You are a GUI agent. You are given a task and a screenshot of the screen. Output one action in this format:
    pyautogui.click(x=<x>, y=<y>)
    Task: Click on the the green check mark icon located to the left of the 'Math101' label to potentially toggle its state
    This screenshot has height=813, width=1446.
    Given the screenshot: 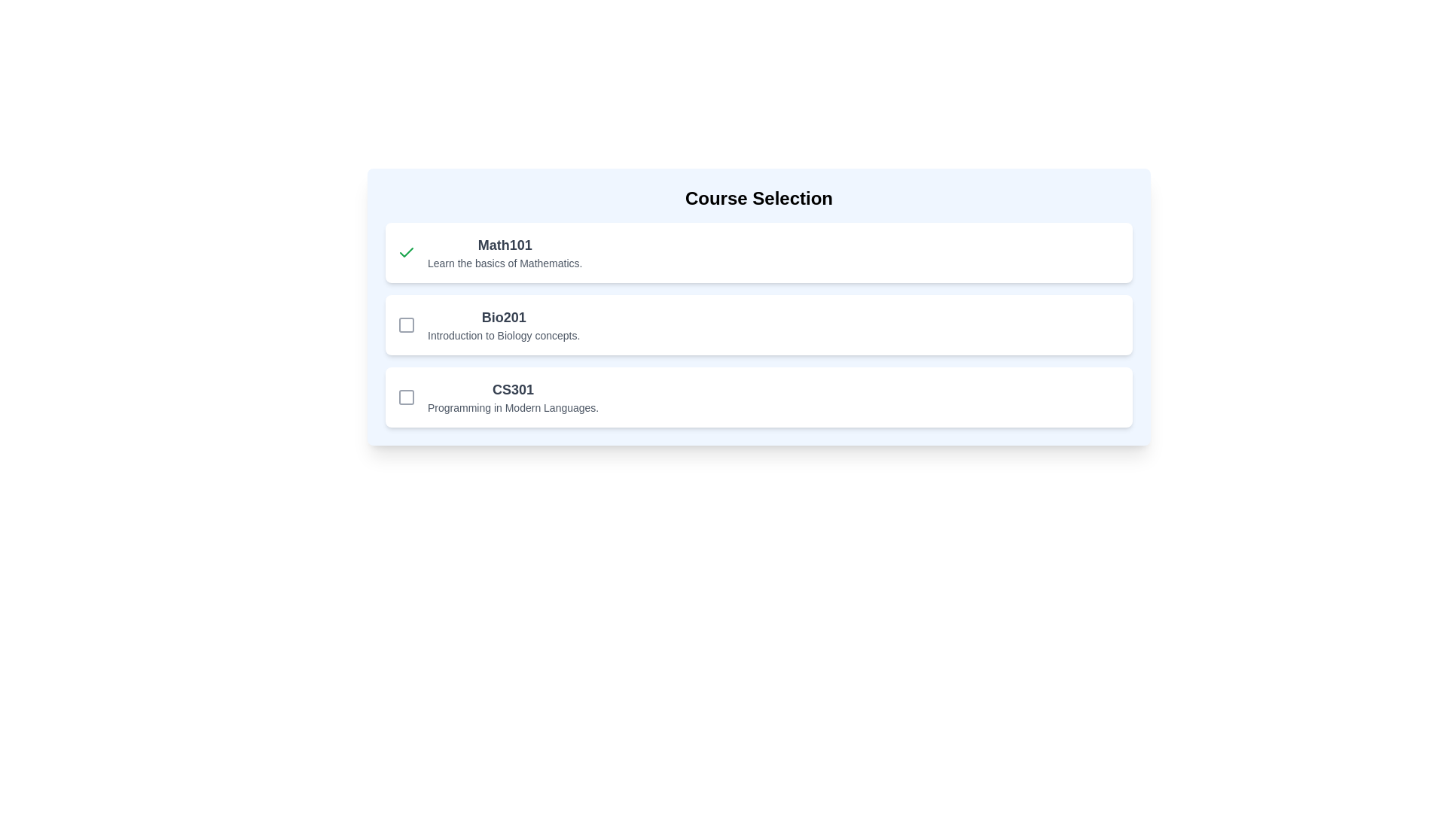 What is the action you would take?
    pyautogui.click(x=406, y=251)
    